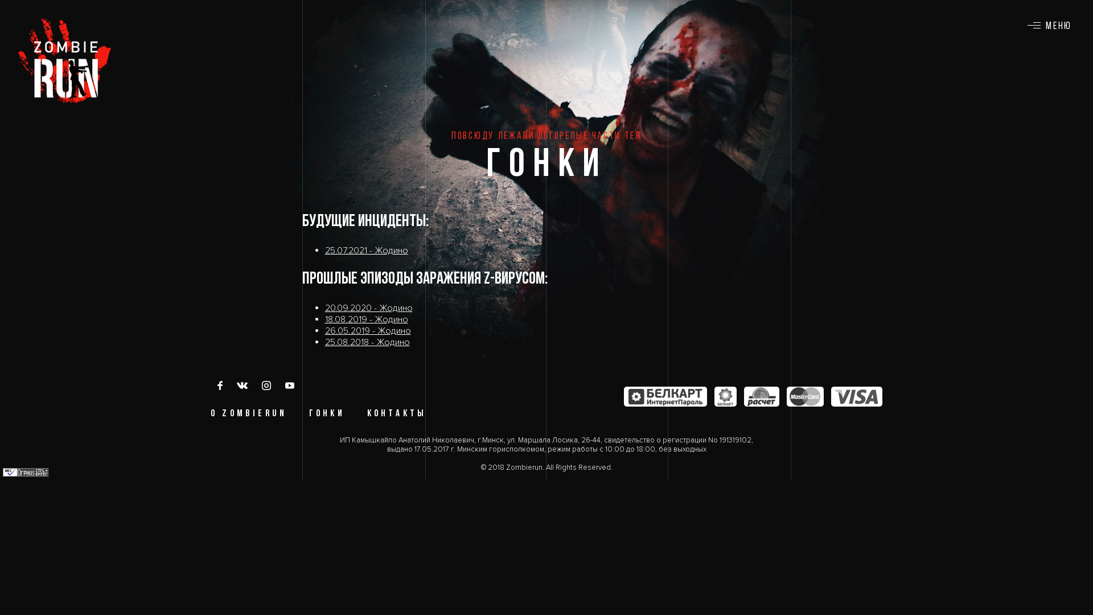  What do you see at coordinates (2, 474) in the screenshot?
I see `'Orphus'` at bounding box center [2, 474].